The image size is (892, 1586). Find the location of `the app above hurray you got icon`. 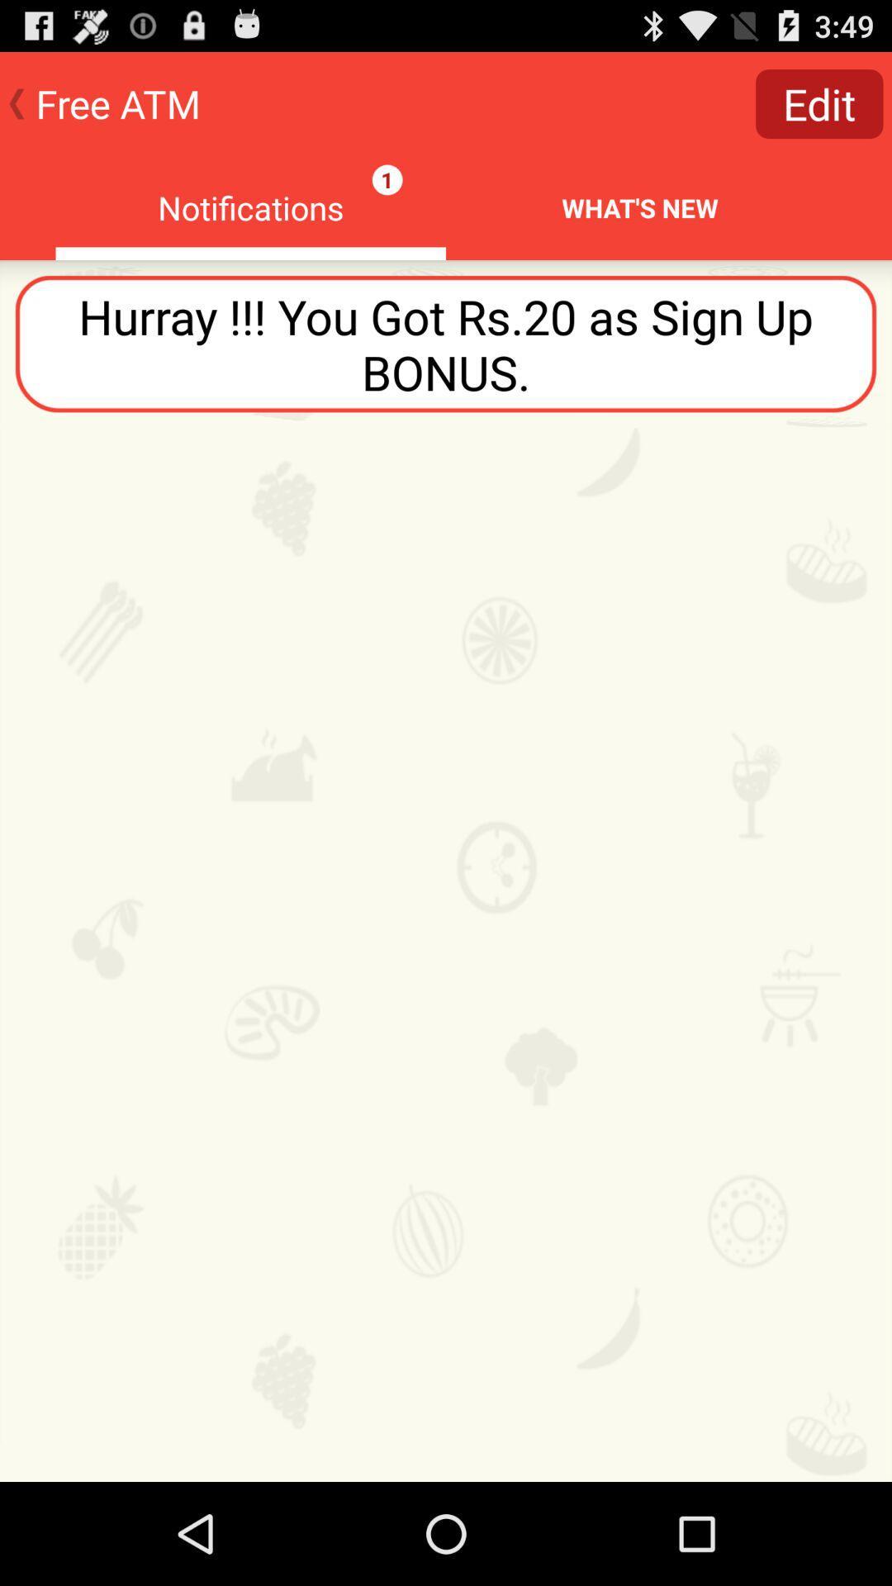

the app above hurray you got icon is located at coordinates (819, 102).